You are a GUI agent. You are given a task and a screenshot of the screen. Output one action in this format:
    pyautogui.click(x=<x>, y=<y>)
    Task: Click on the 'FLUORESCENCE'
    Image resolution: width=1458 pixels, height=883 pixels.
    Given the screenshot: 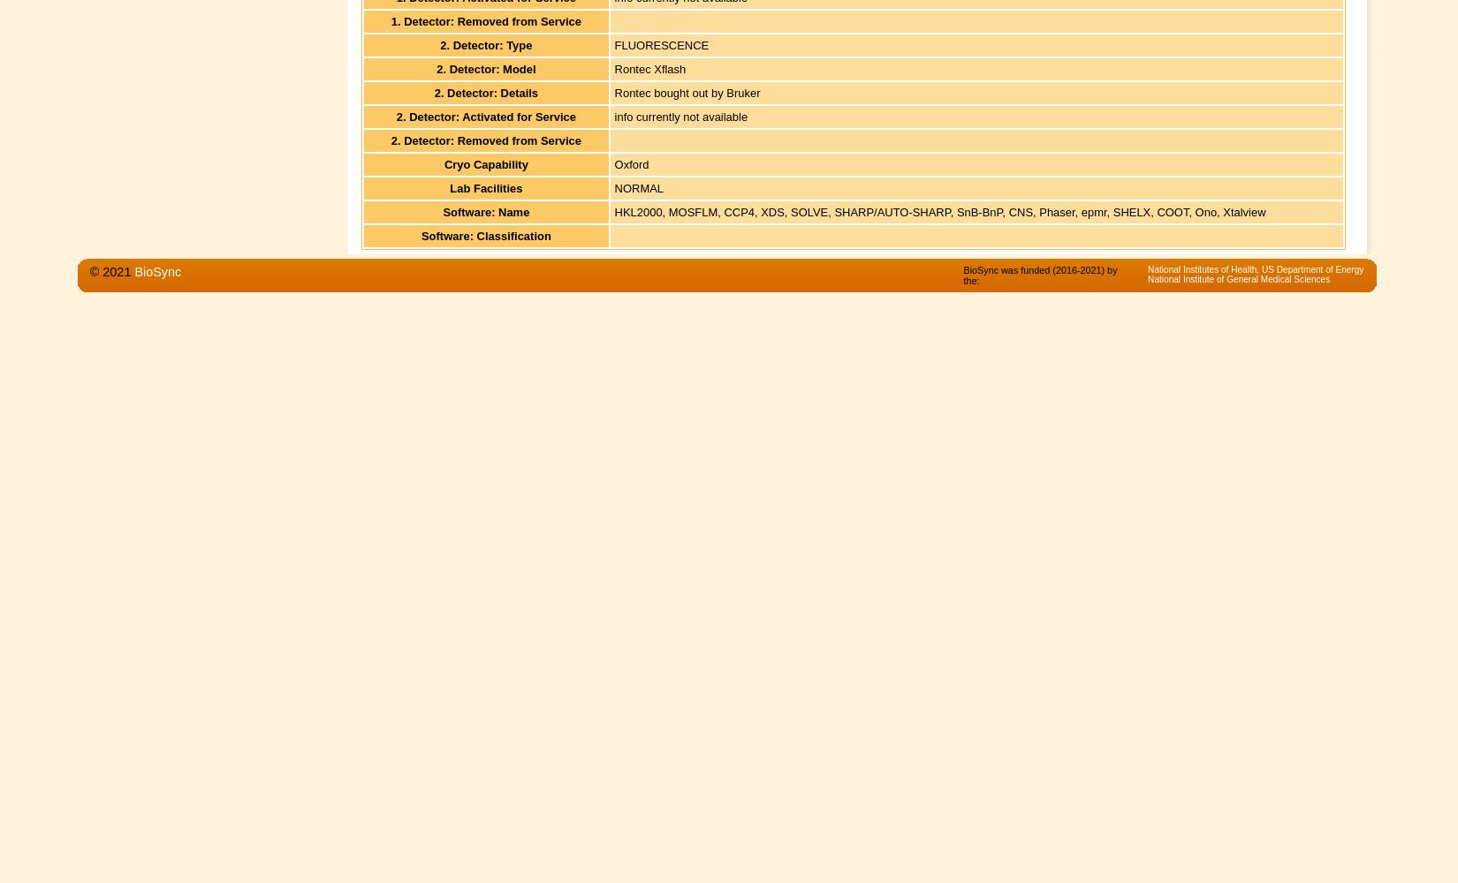 What is the action you would take?
    pyautogui.click(x=612, y=44)
    